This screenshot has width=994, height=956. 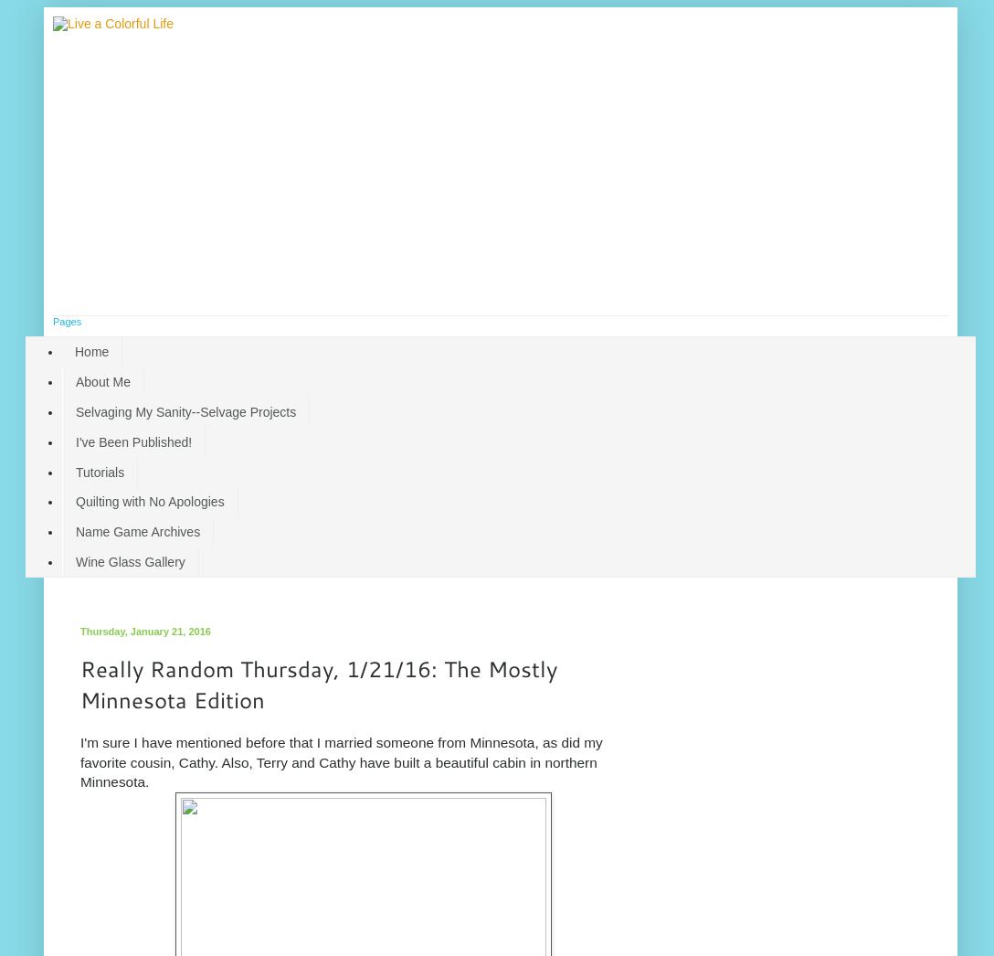 What do you see at coordinates (67, 320) in the screenshot?
I see `'Pages'` at bounding box center [67, 320].